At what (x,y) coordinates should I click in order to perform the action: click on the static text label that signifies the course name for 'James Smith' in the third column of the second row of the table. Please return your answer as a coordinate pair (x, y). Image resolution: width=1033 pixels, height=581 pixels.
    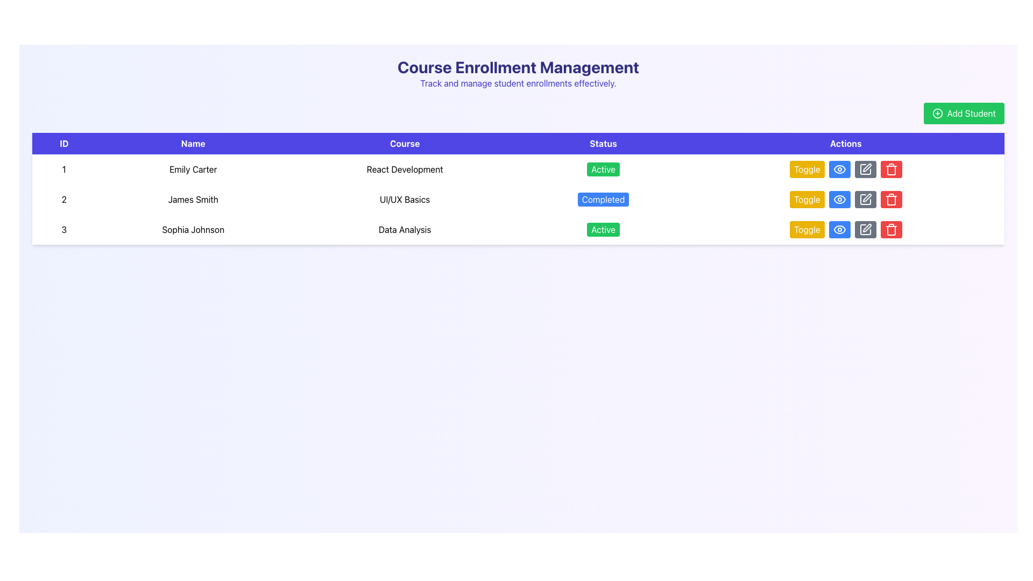
    Looking at the image, I should click on (404, 199).